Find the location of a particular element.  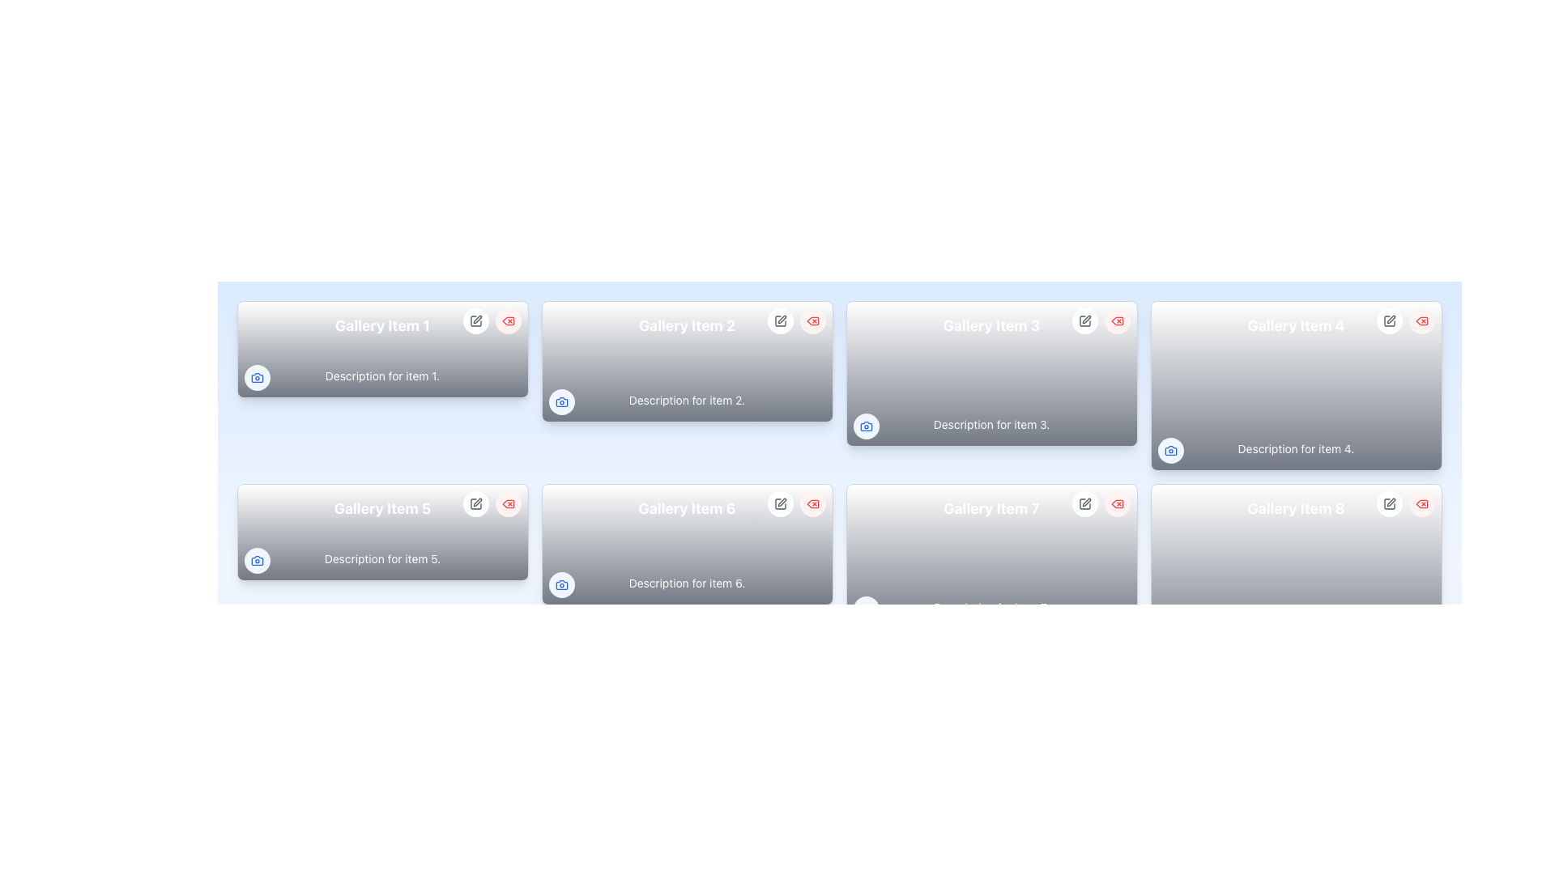

the edit button located at the top-right corner of the 'Gallery Item 6' card to change its appearance is located at coordinates (780, 503).